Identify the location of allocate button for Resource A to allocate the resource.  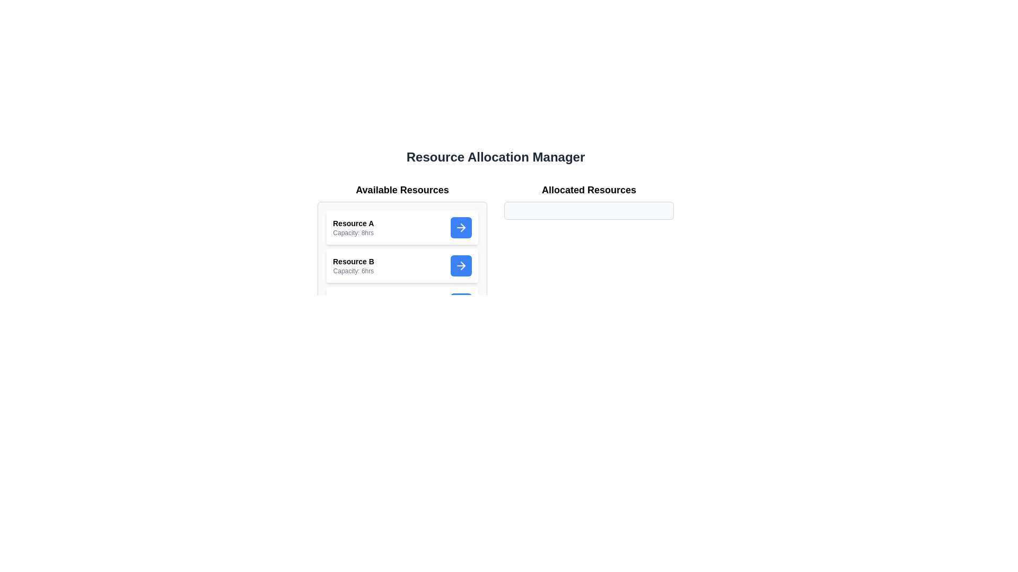
(461, 227).